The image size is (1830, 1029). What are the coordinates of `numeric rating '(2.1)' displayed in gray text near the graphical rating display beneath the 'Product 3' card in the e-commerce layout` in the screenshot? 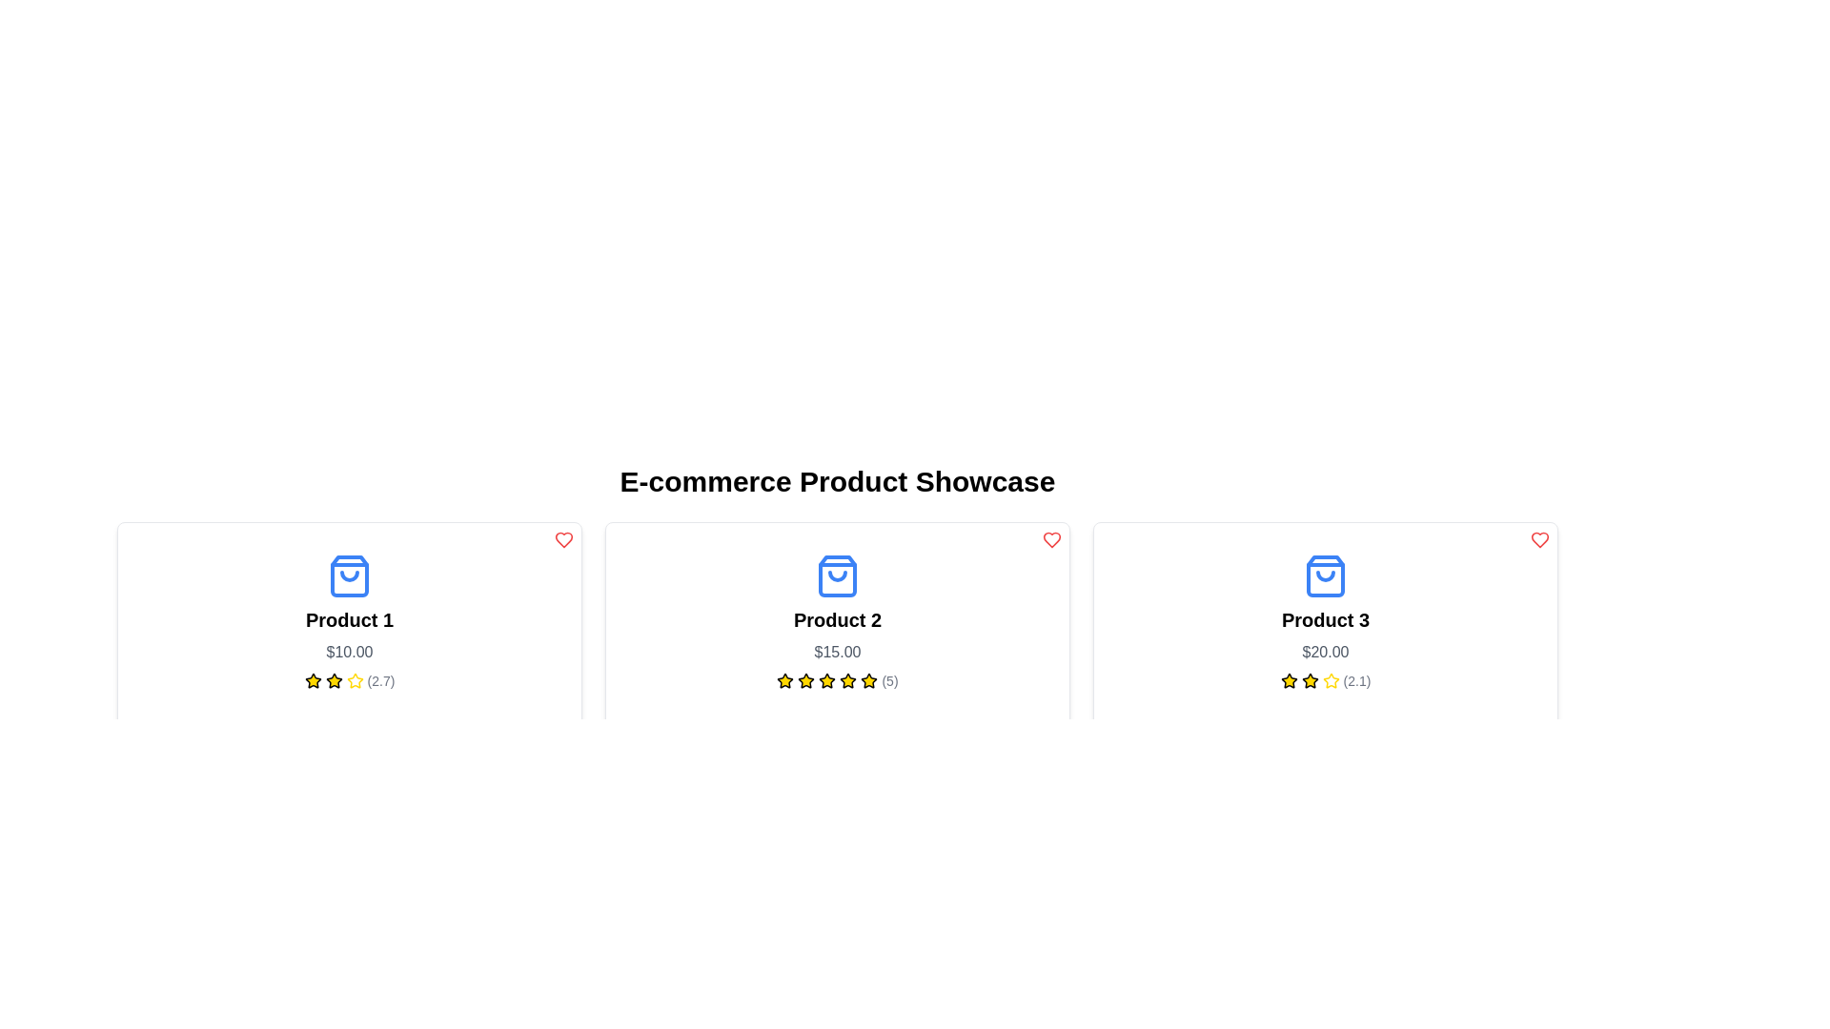 It's located at (1356, 679).